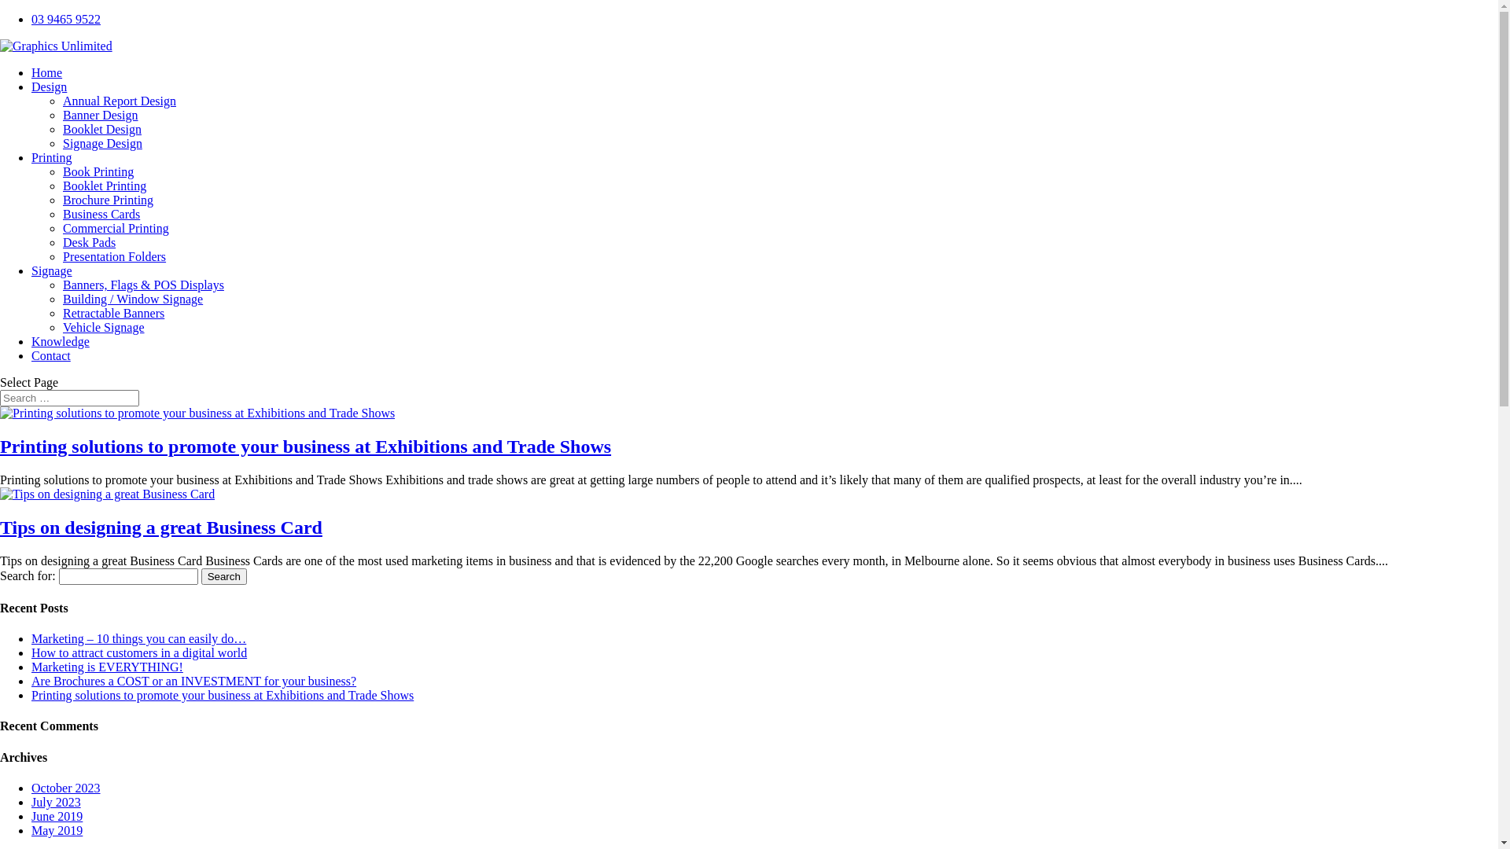 The image size is (1510, 849). Describe the element at coordinates (104, 185) in the screenshot. I see `'Booklet Printing'` at that location.